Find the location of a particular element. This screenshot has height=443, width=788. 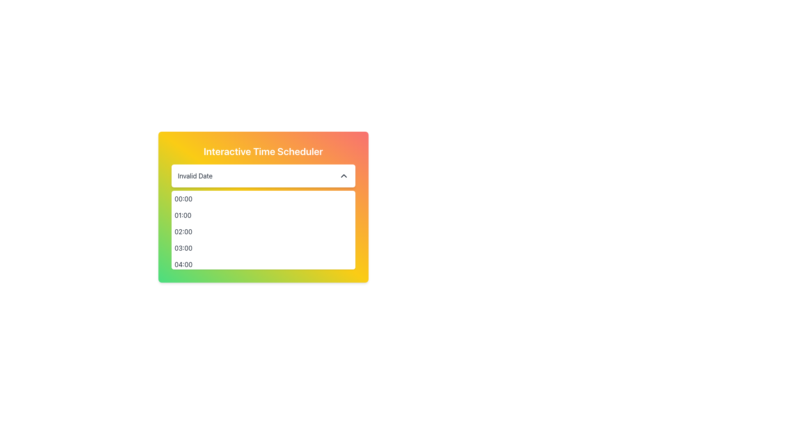

the '01:00' dropdown menu item is located at coordinates (263, 215).